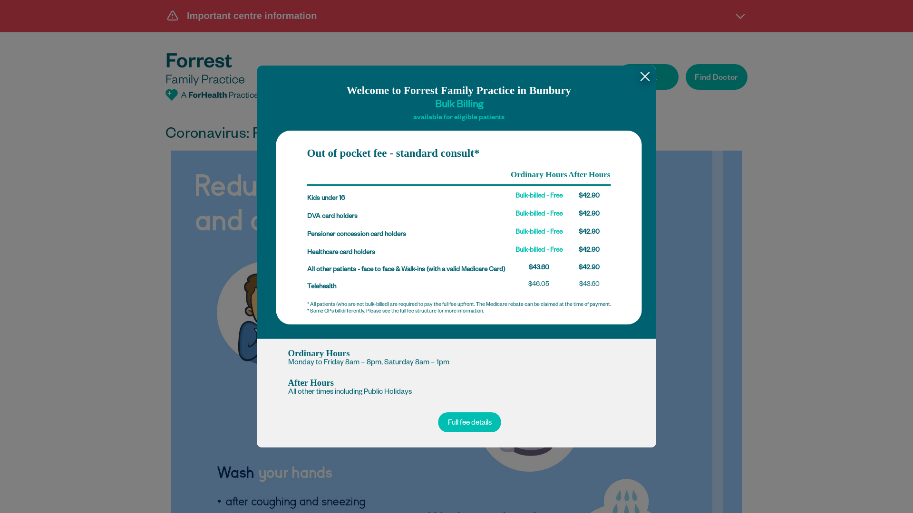 The image size is (913, 513). I want to click on 'Patient Fees', so click(493, 78).